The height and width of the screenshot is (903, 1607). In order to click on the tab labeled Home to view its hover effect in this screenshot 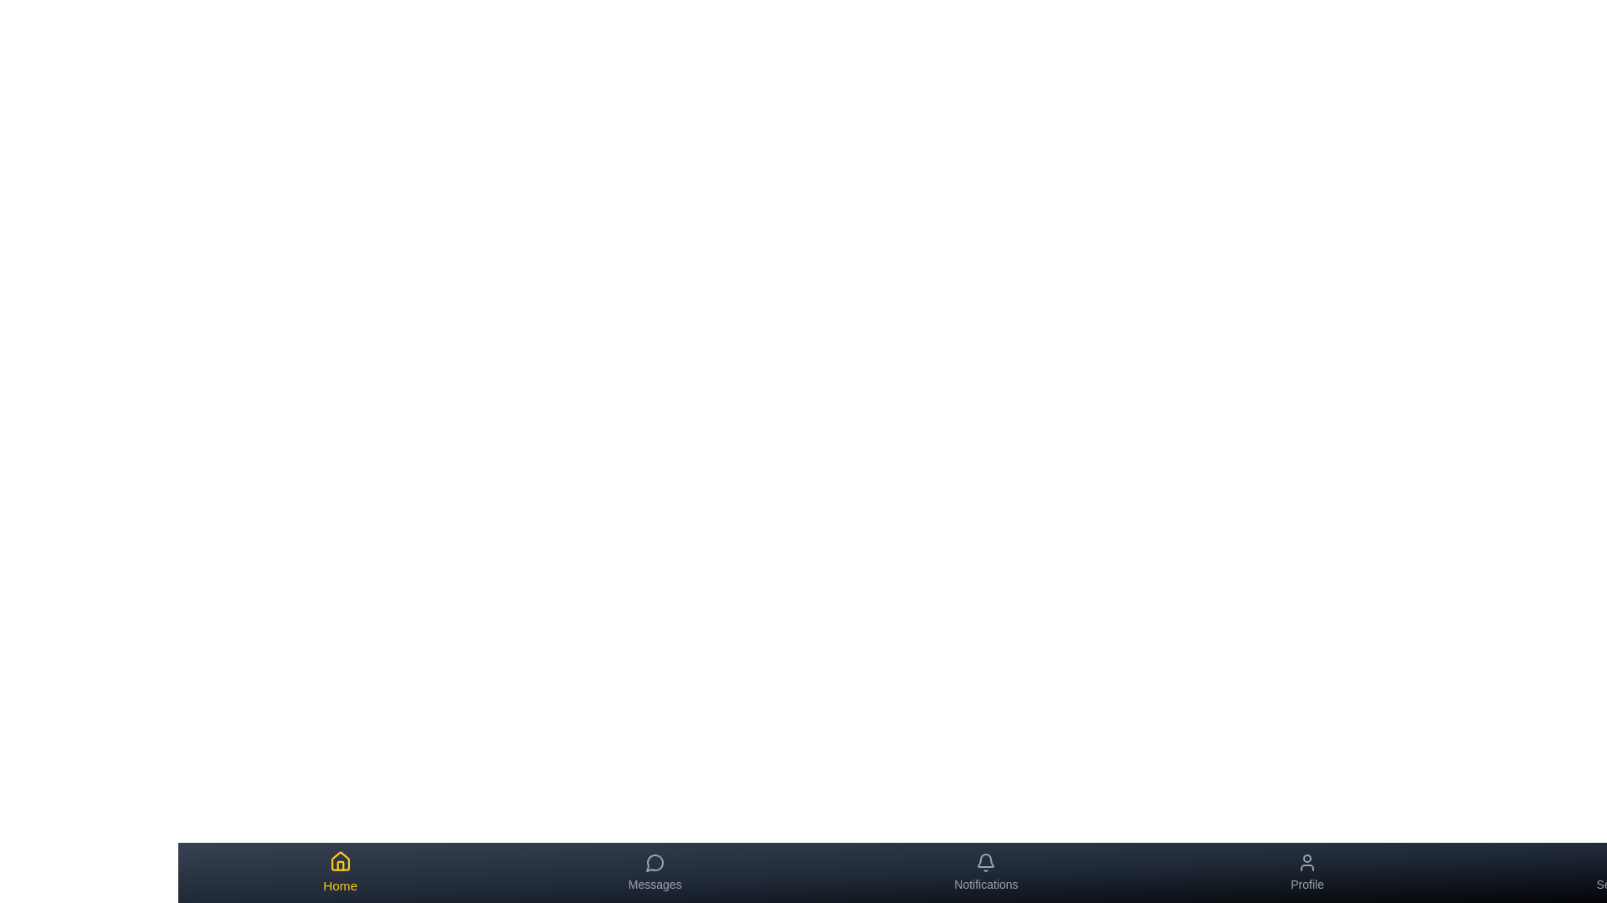, I will do `click(339, 872)`.